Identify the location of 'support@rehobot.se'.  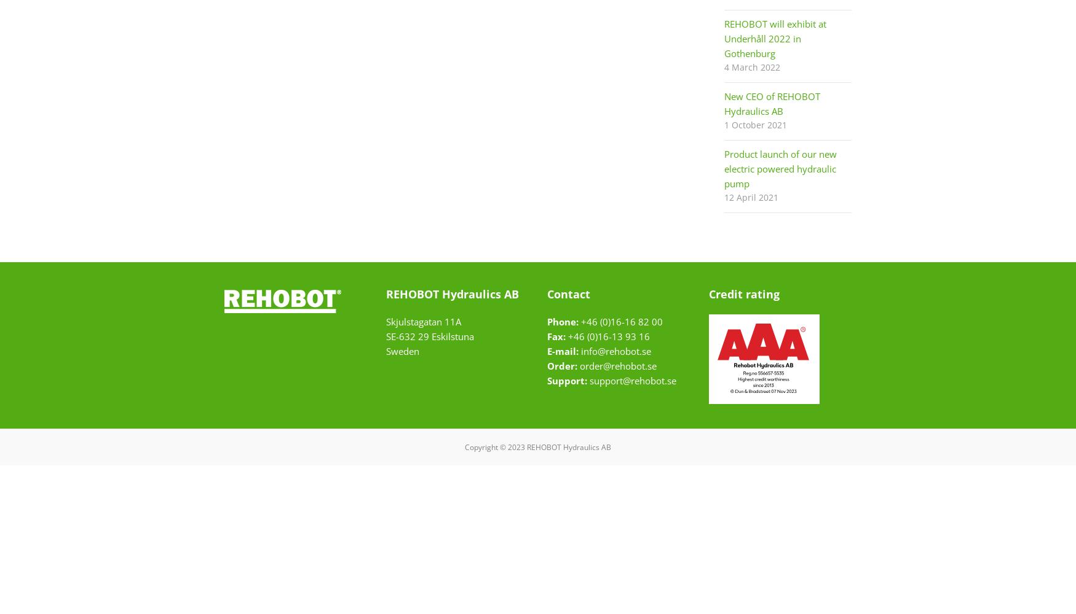
(632, 380).